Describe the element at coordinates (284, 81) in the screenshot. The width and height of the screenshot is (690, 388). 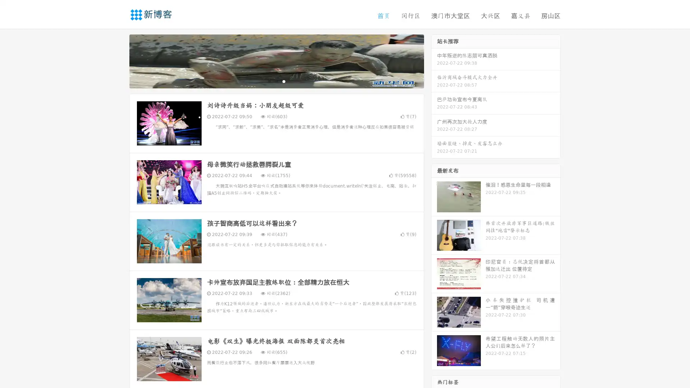
I see `Go to slide 3` at that location.